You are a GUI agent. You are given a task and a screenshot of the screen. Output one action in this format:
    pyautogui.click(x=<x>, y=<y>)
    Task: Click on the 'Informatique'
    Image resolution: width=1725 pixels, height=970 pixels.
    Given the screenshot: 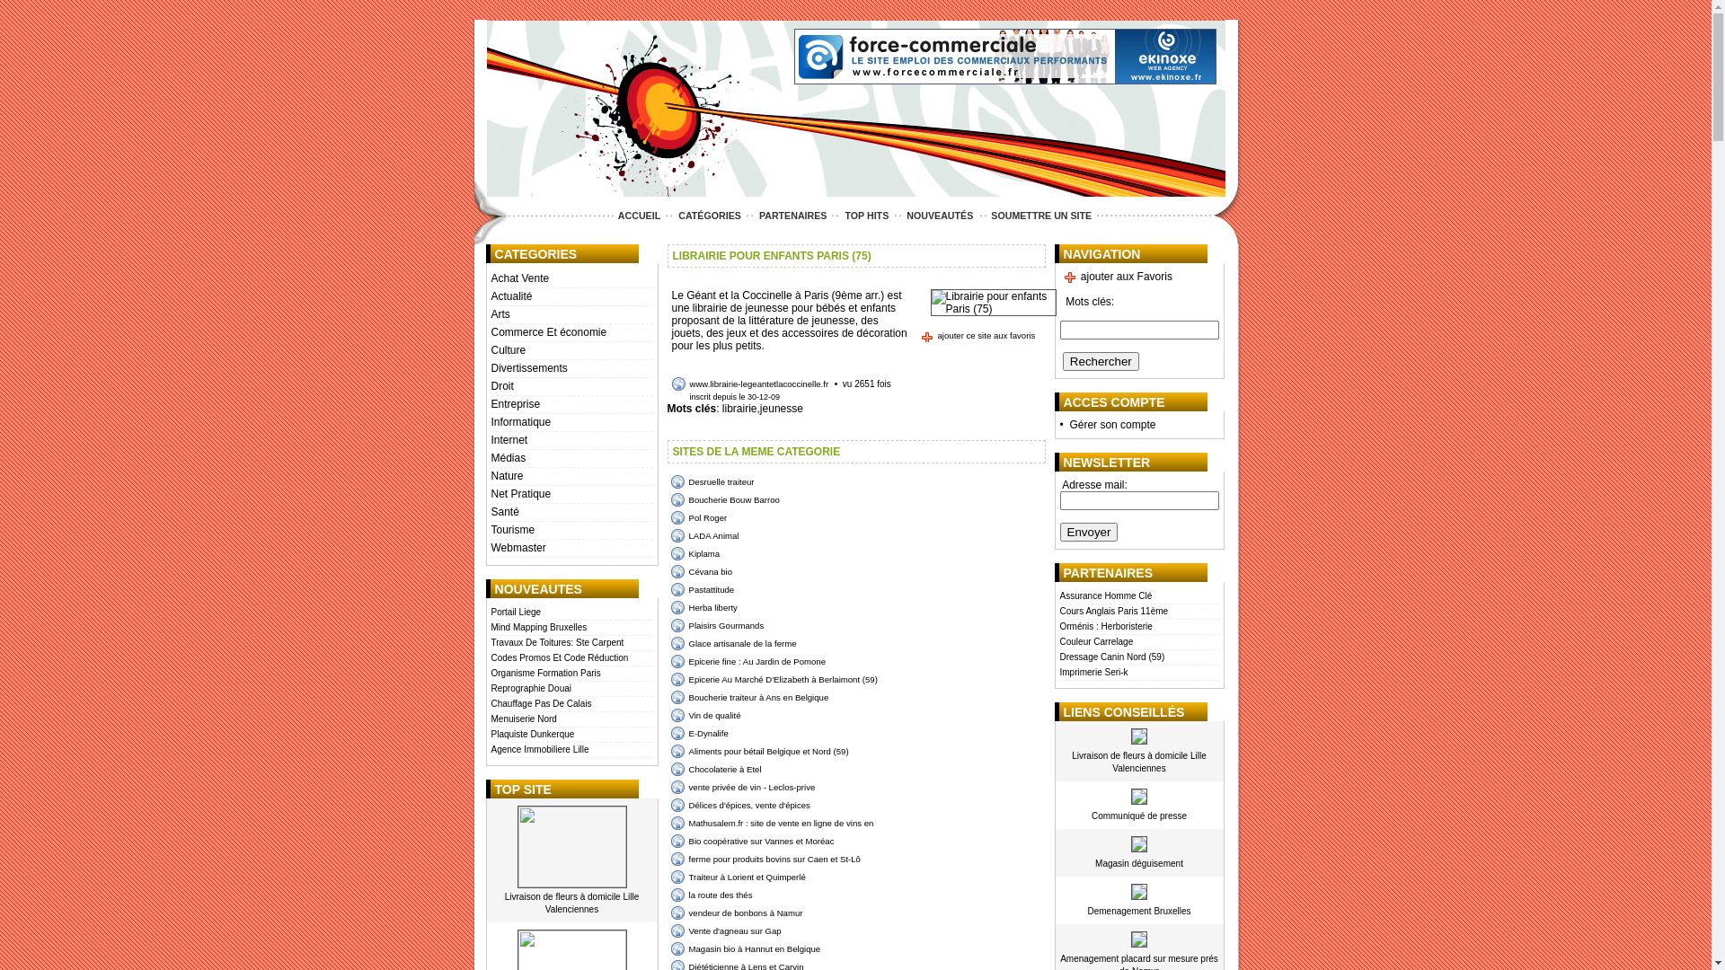 What is the action you would take?
    pyautogui.click(x=570, y=422)
    